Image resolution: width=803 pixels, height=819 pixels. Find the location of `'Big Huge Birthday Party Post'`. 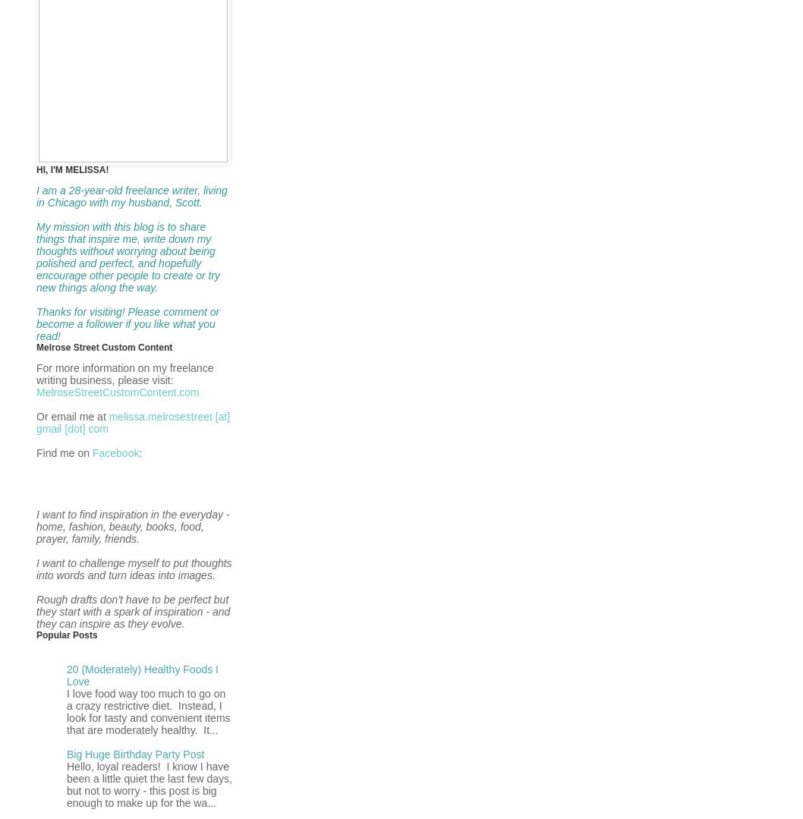

'Big Huge Birthday Party Post' is located at coordinates (67, 753).